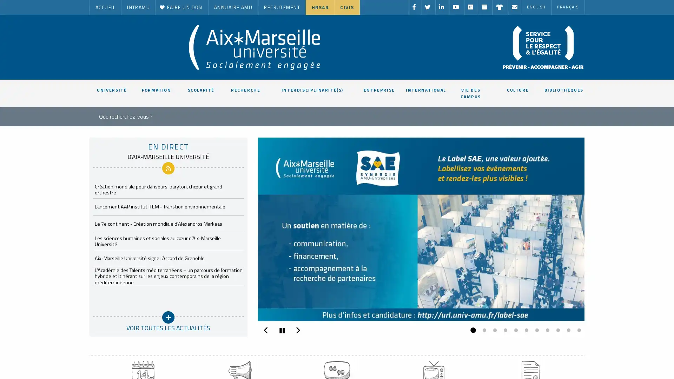  I want to click on Go to slide 5, so click(514, 330).